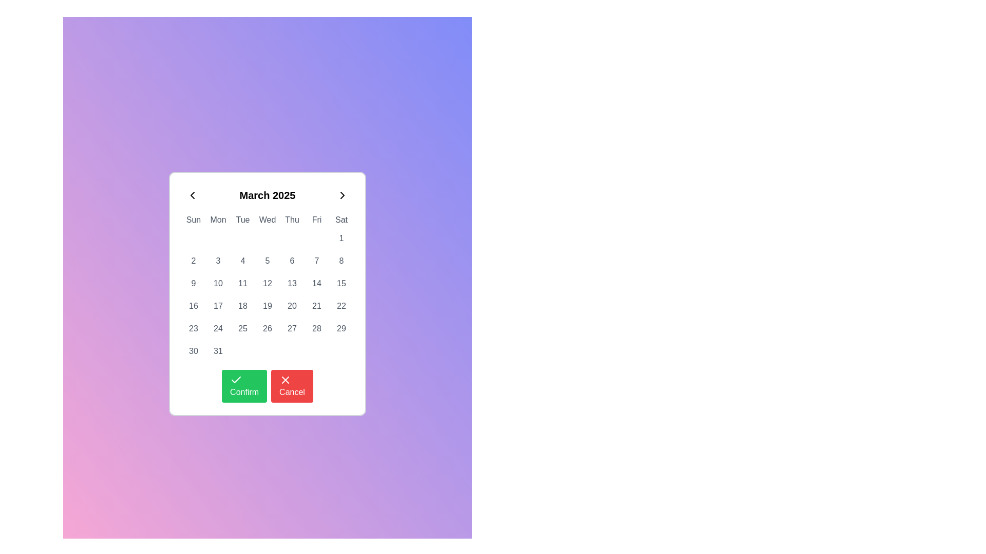  Describe the element at coordinates (268, 382) in the screenshot. I see `the 'Confirm' button with a green background and checkmark icon located at the bottom of the calendar interface` at that location.